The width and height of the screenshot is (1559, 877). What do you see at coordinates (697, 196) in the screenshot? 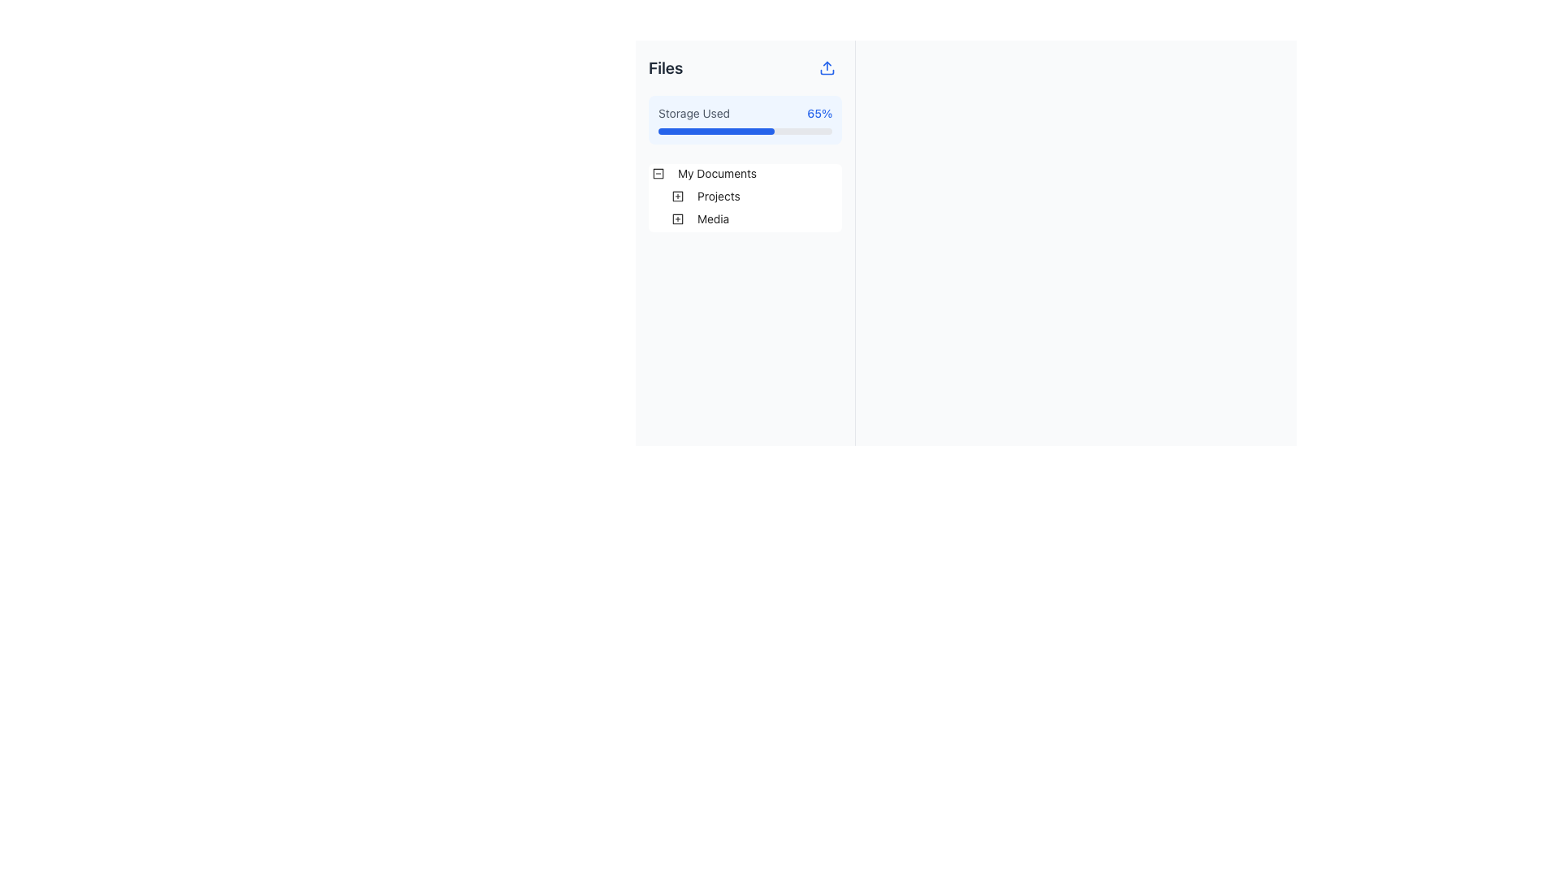
I see `the plus icon next to the 'Projects' text in the Tree Node located in the left sidebar, which is the second option below 'My Documents'` at bounding box center [697, 196].